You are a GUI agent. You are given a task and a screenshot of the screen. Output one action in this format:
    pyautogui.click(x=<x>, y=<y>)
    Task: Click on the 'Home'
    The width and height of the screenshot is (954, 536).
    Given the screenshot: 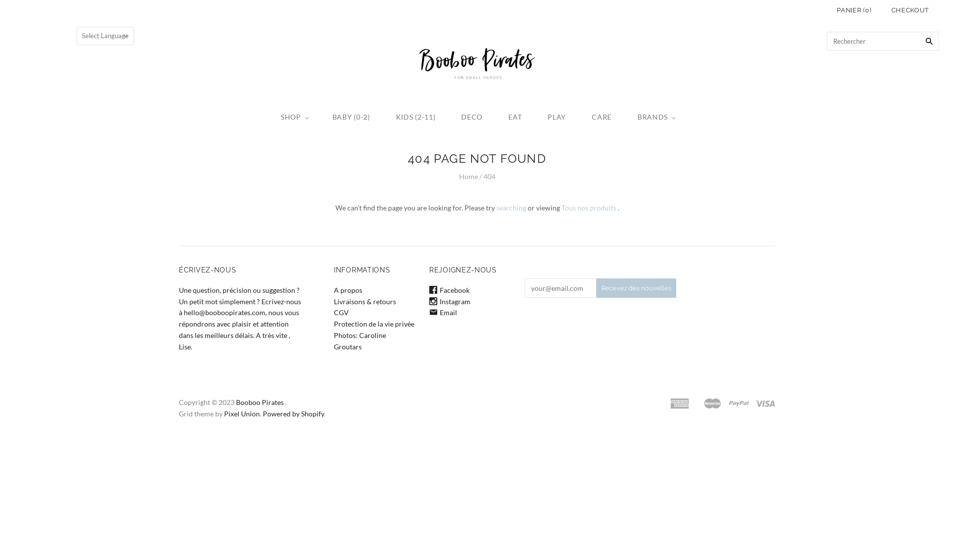 What is the action you would take?
    pyautogui.click(x=468, y=176)
    